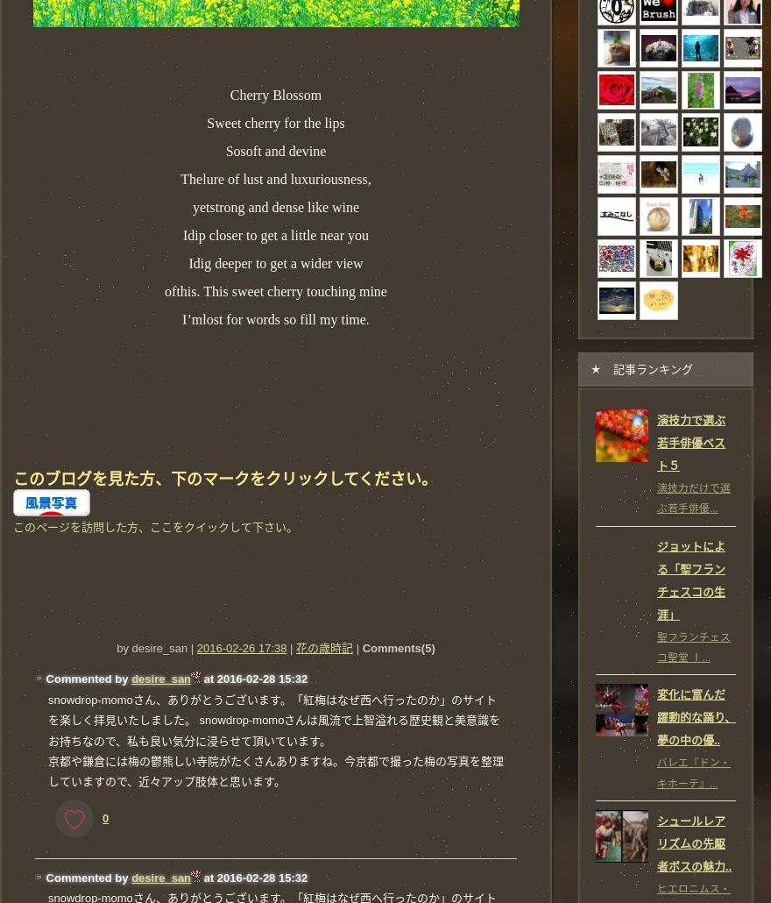 The height and width of the screenshot is (903, 771). I want to click on '5', so click(428, 648).